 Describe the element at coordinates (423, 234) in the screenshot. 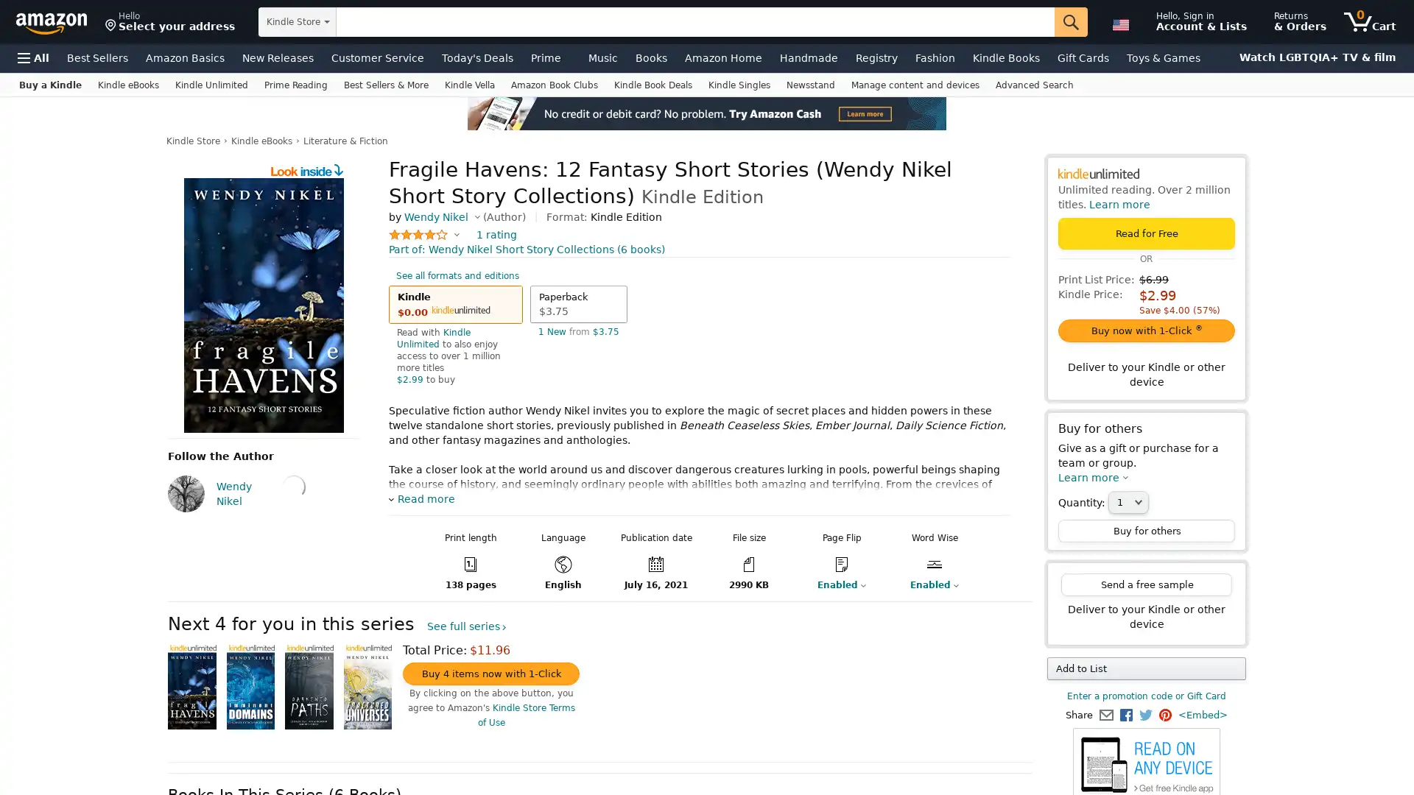

I see `4.0 out of 5 stars` at that location.